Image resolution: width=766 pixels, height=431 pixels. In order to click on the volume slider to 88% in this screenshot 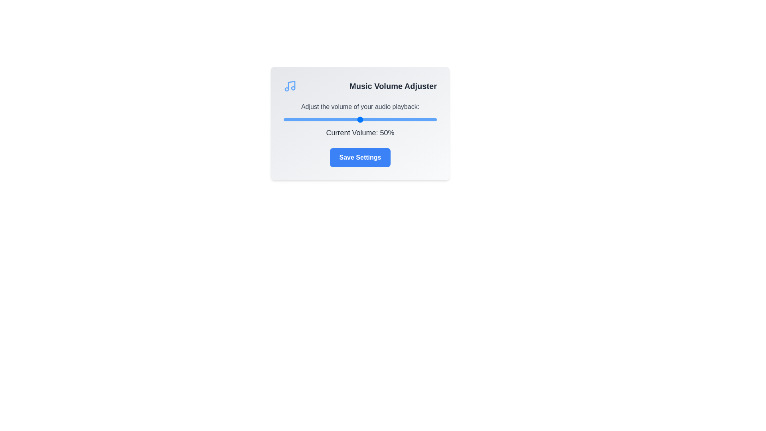, I will do `click(418, 120)`.